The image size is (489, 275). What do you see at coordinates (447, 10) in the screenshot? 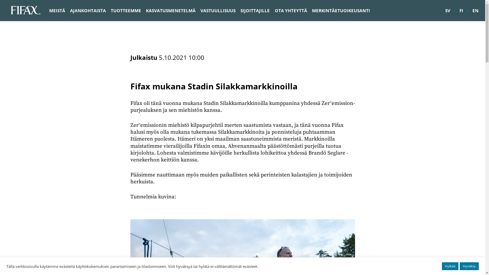
I see `'SV'` at bounding box center [447, 10].